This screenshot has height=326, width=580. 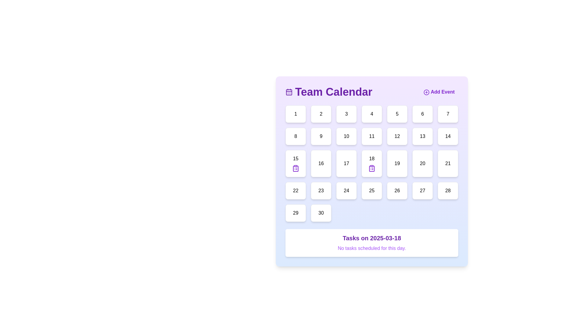 I want to click on the calendar button displaying the number '23', so click(x=321, y=191).